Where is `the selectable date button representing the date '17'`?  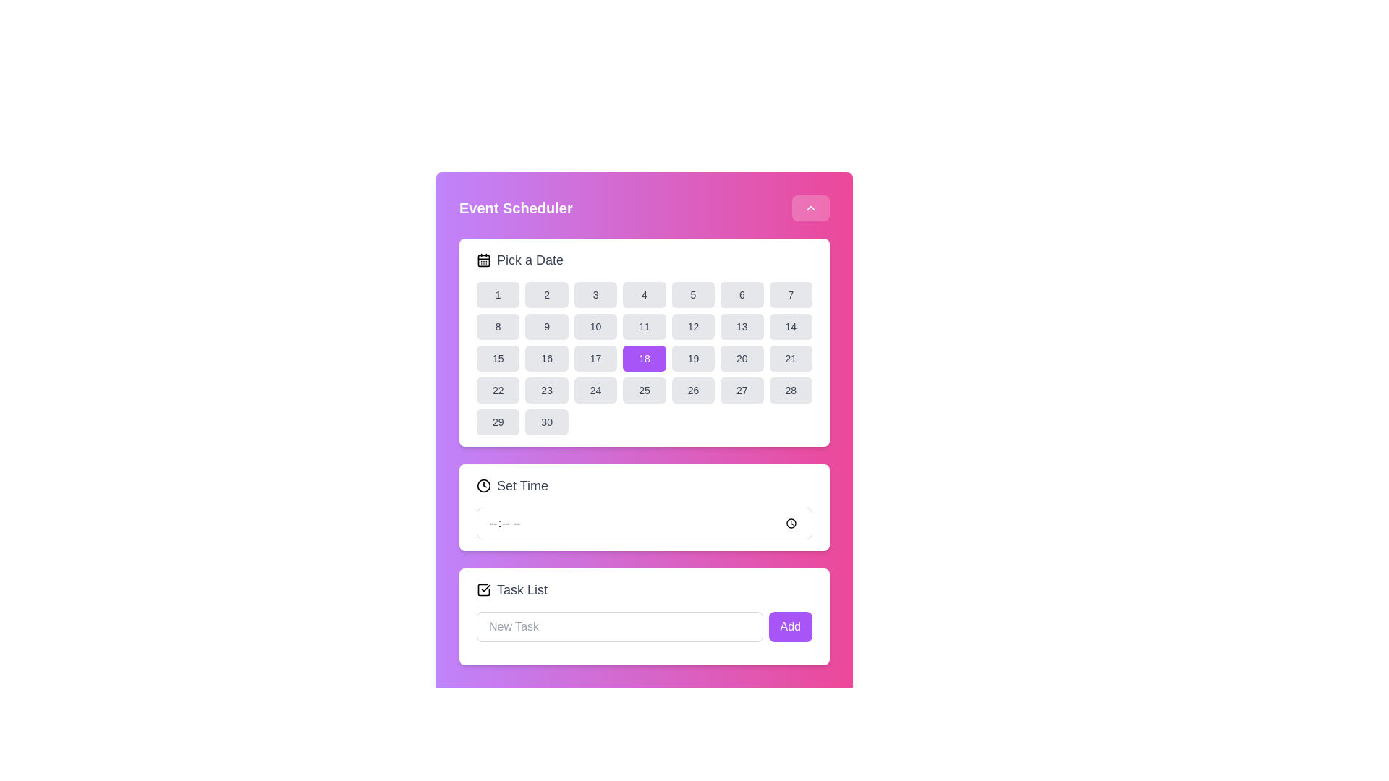
the selectable date button representing the date '17' is located at coordinates (595, 358).